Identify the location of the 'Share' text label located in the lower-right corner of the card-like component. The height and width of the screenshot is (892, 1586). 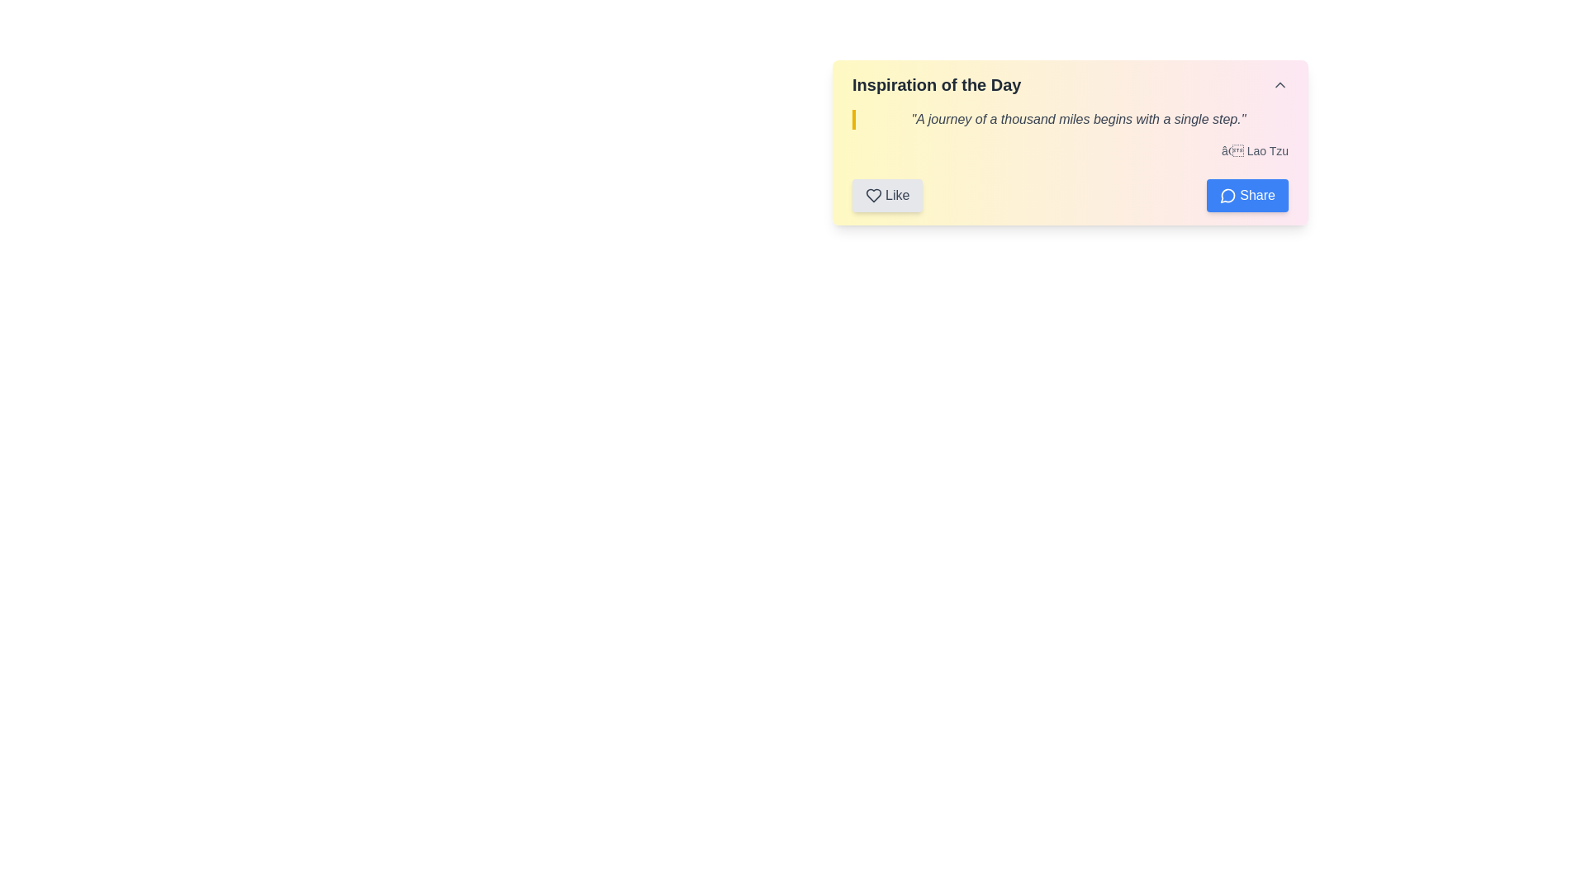
(1256, 194).